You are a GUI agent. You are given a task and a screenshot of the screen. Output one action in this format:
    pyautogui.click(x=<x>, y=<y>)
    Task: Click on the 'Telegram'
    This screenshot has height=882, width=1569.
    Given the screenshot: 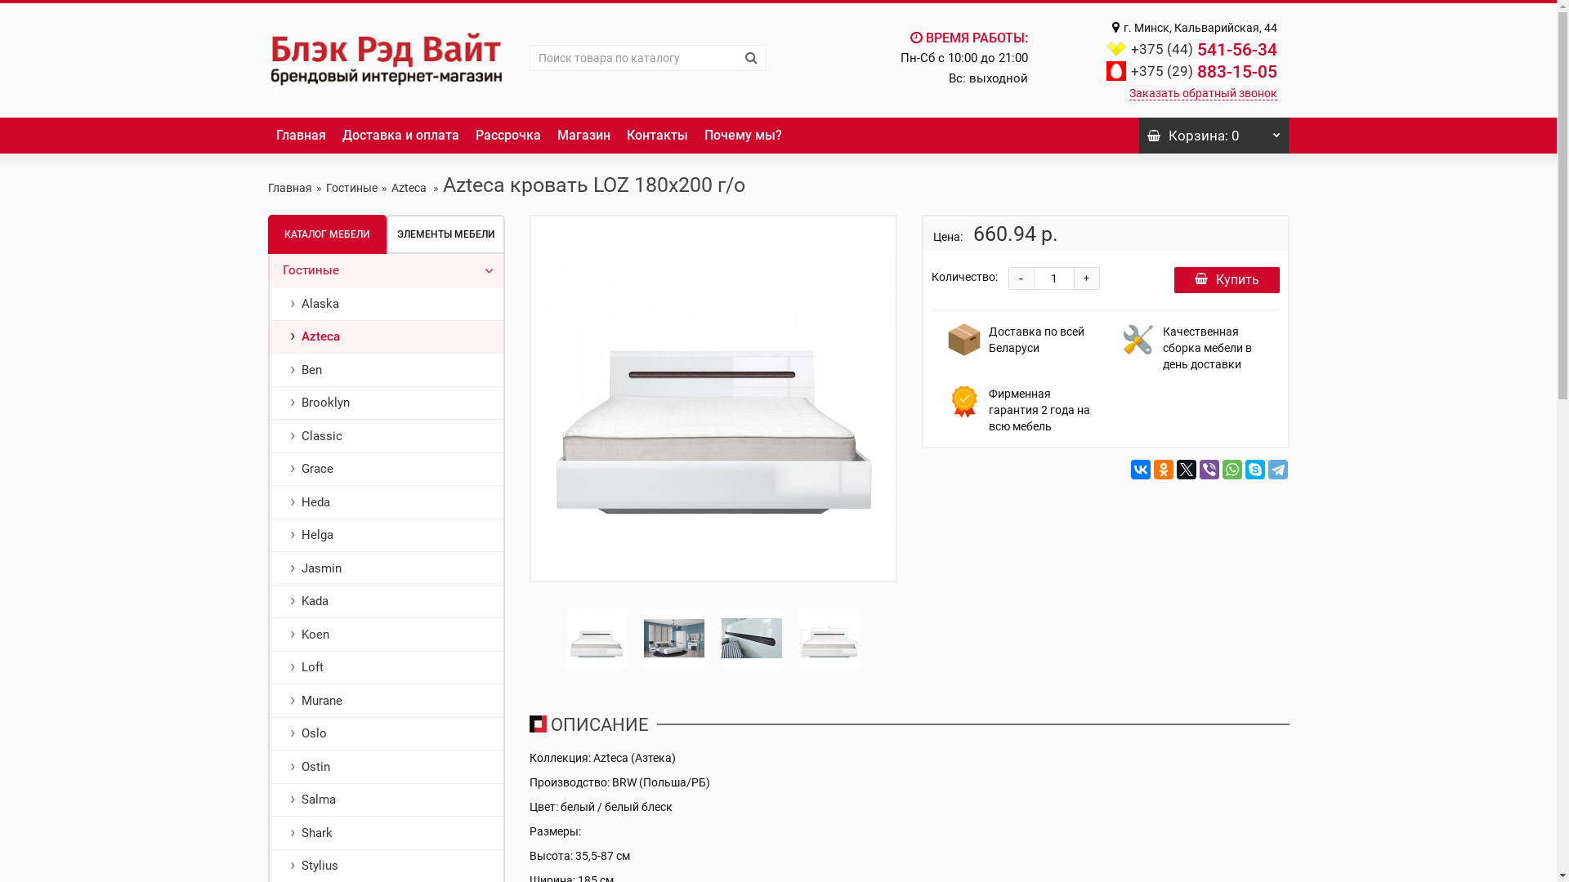 What is the action you would take?
    pyautogui.click(x=1267, y=469)
    